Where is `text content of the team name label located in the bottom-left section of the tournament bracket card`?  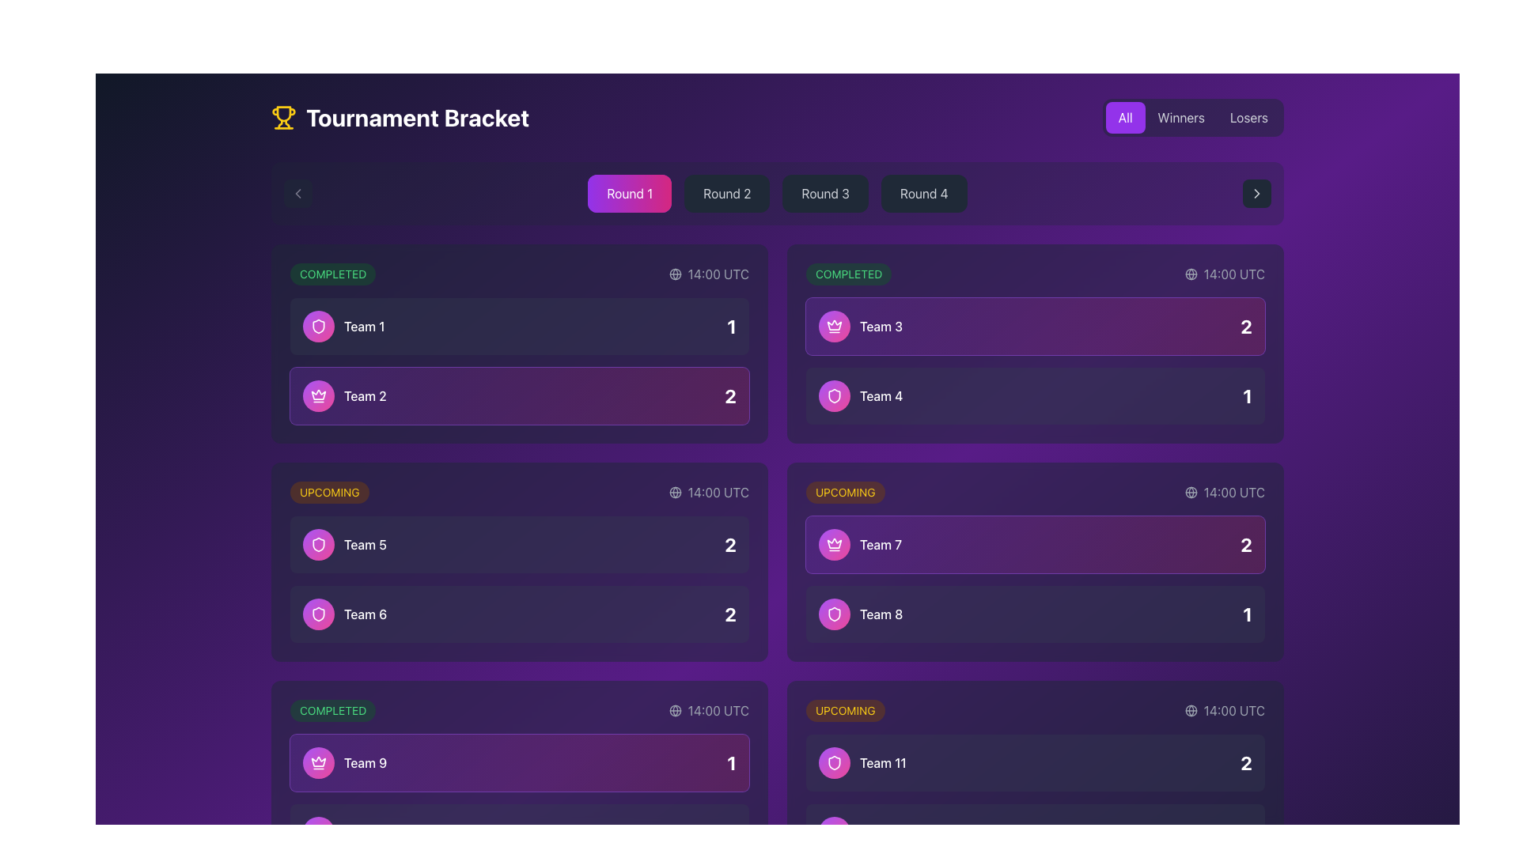
text content of the team name label located in the bottom-left section of the tournament bracket card is located at coordinates (347, 832).